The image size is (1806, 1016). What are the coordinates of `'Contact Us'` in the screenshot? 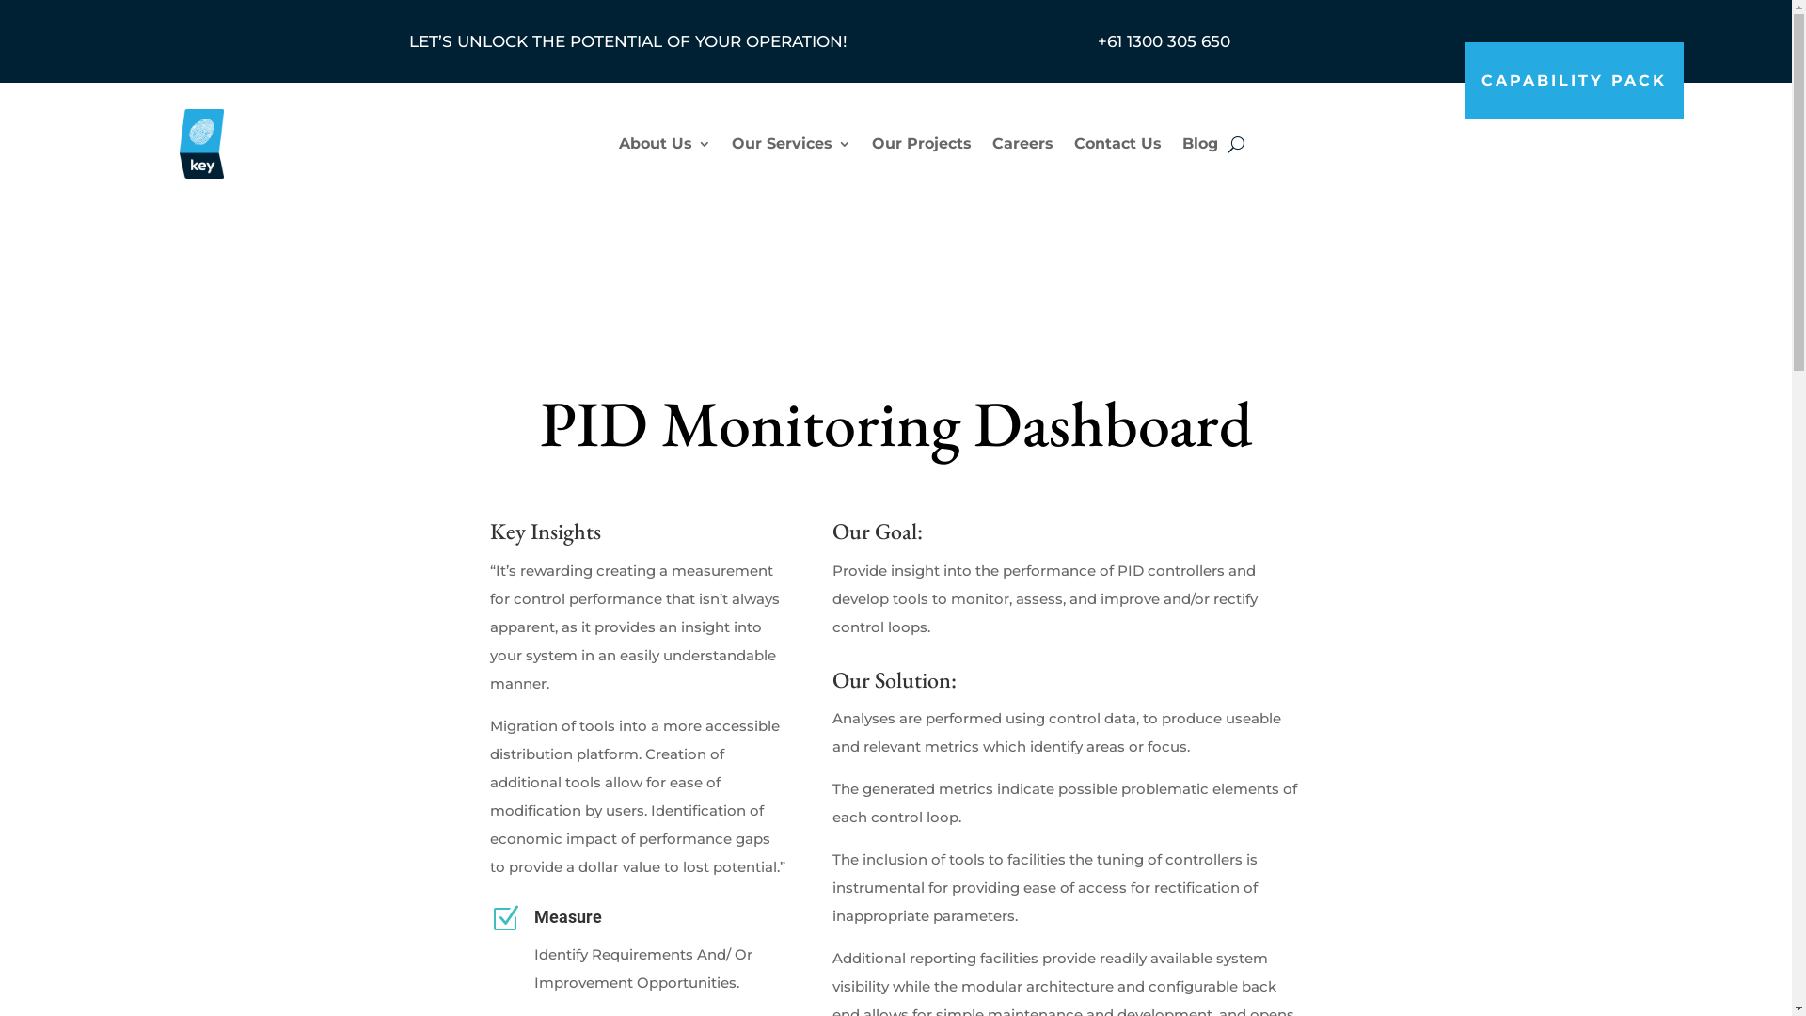 It's located at (1117, 143).